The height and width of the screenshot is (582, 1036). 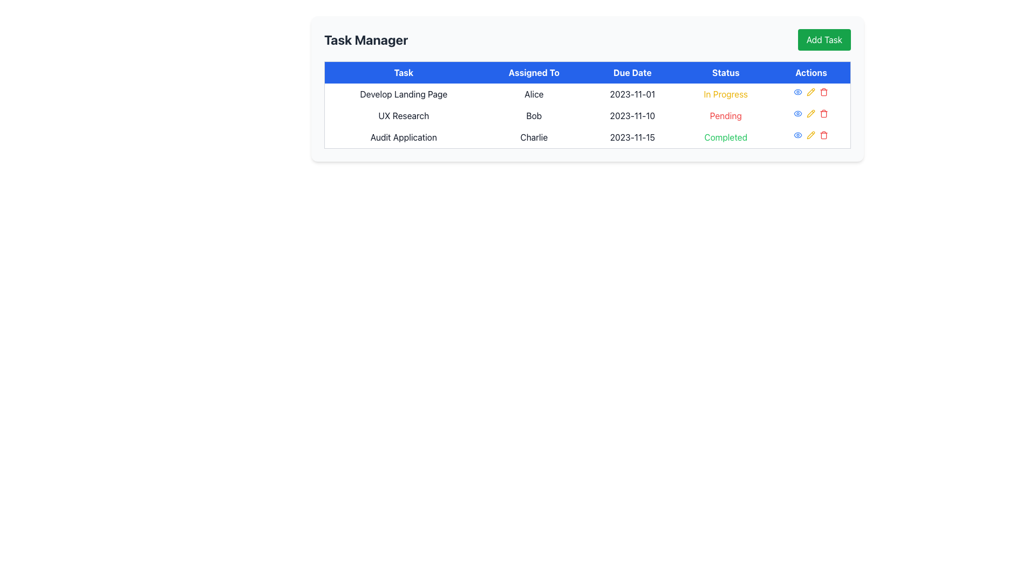 I want to click on the text label displaying 'Develop Landing Page' in the first cell of the 'Task' column in the 'Task Manager' table, so click(x=403, y=93).